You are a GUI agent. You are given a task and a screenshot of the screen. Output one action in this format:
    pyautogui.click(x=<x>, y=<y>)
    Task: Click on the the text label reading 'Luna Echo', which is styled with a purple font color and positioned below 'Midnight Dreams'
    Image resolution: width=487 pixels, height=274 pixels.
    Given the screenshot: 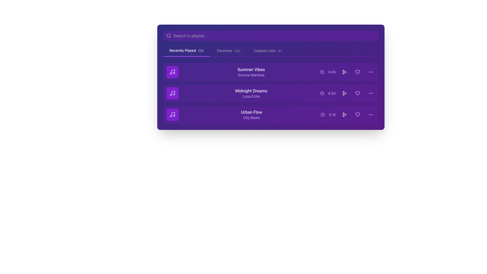 What is the action you would take?
    pyautogui.click(x=251, y=96)
    